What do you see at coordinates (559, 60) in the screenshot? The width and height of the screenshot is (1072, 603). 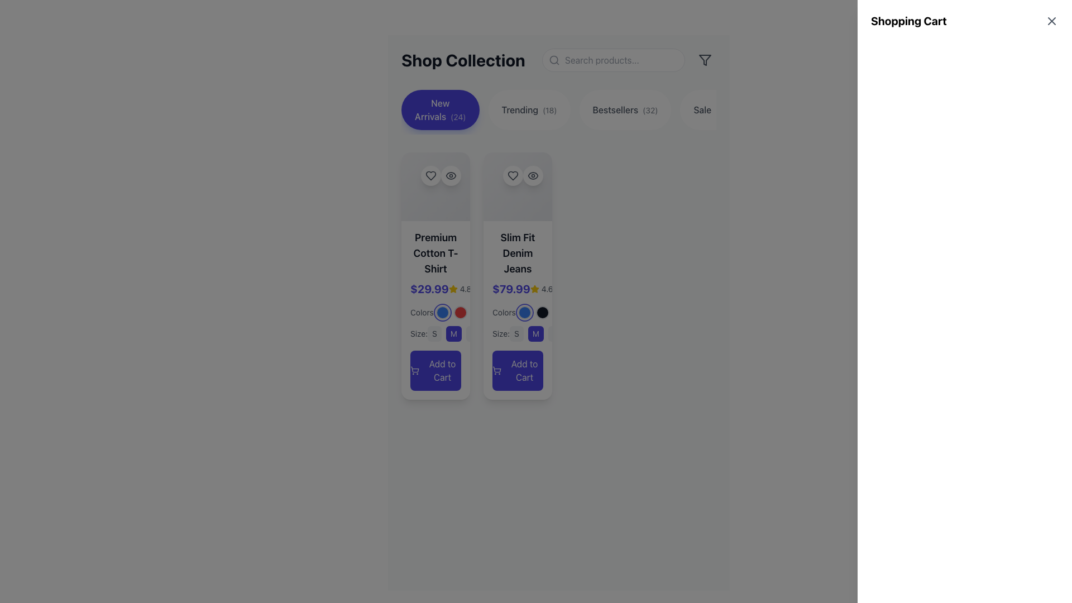 I see `the search icon located within the Header and utility bar, adjacent to the 'Shop Collection' label, to initiate a search` at bounding box center [559, 60].